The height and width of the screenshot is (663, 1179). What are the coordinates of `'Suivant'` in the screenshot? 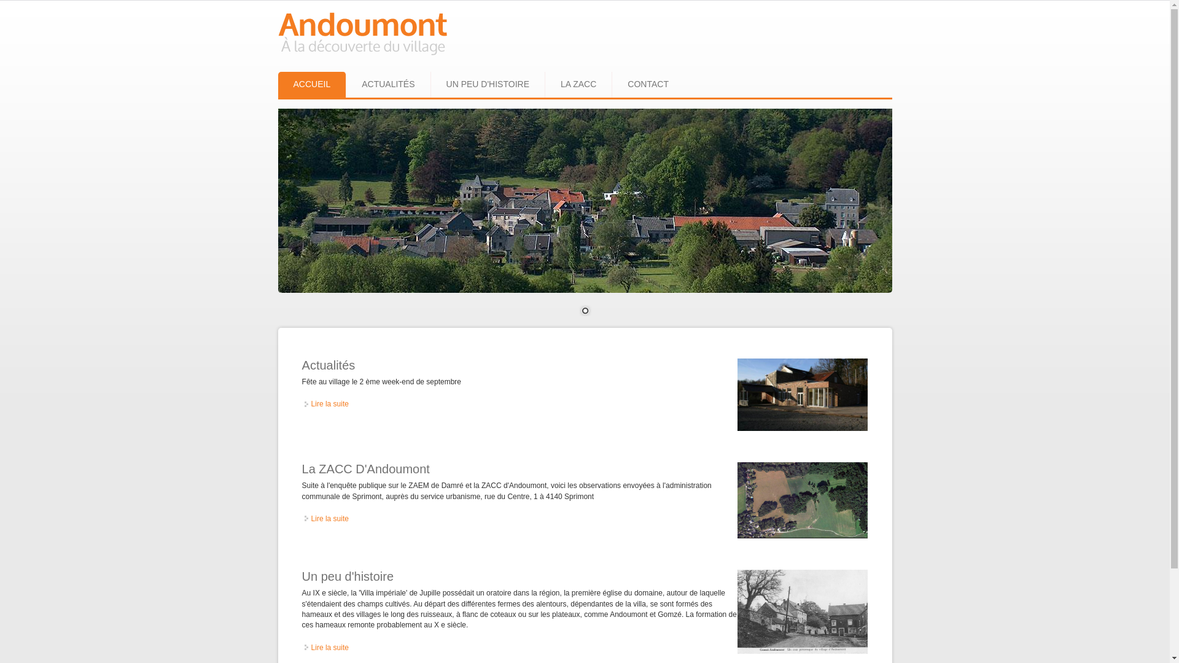 It's located at (310, 267).